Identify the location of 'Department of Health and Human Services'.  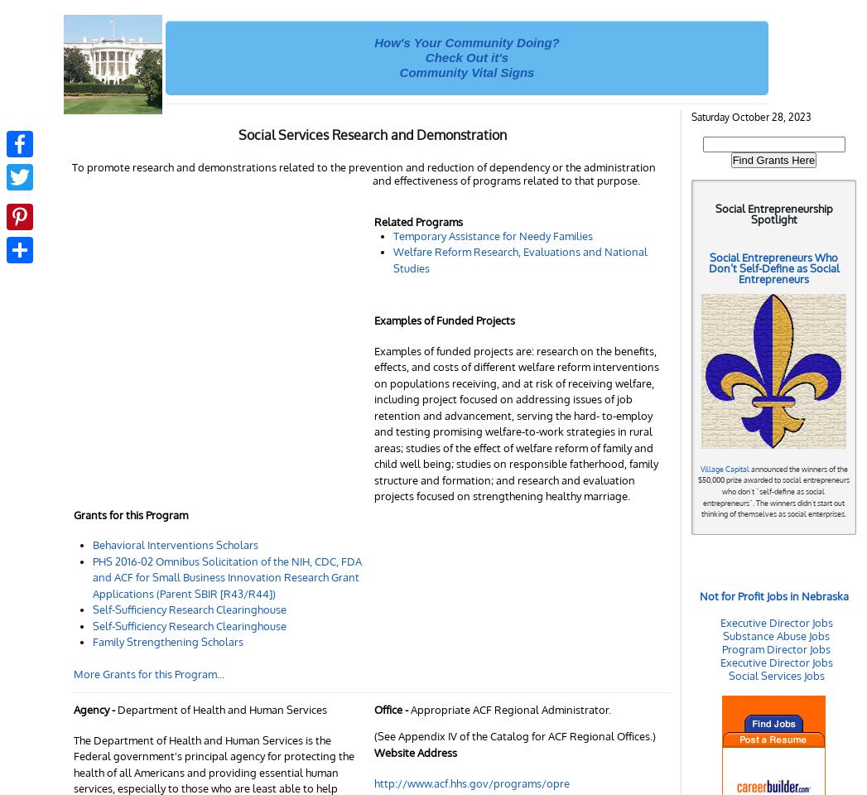
(222, 708).